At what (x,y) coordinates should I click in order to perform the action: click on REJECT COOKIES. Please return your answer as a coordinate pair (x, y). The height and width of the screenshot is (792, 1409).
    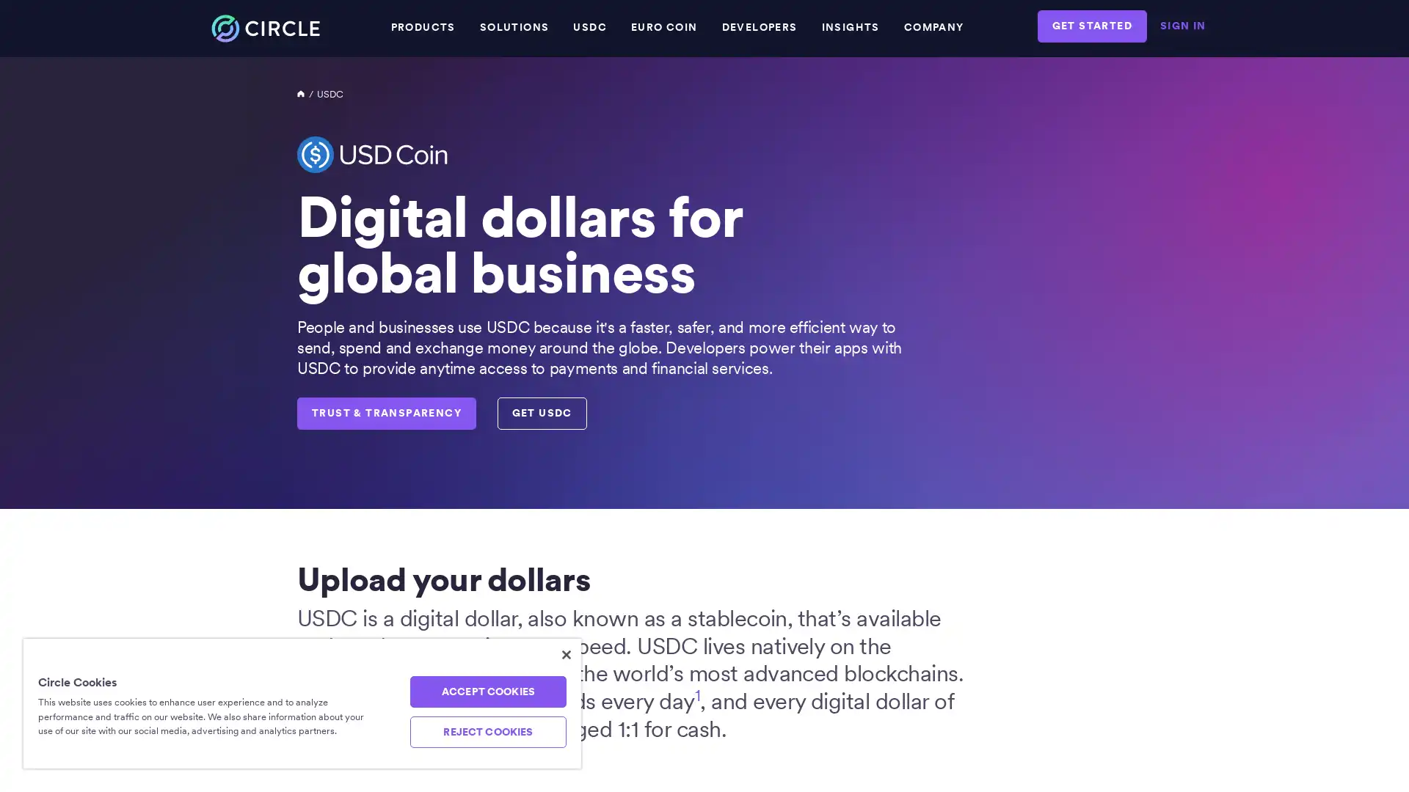
    Looking at the image, I should click on (487, 732).